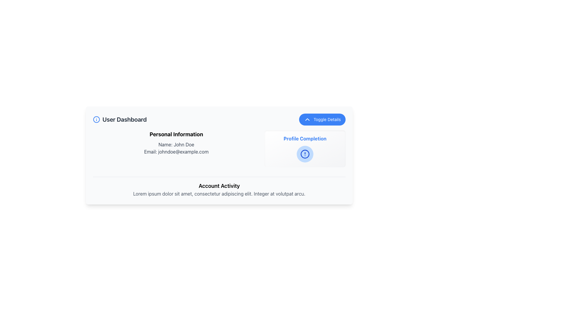  Describe the element at coordinates (176, 134) in the screenshot. I see `text element displaying 'Personal Information', which is styled as a heading in bold black font and located at the top of the 'Personal Information' section` at that location.